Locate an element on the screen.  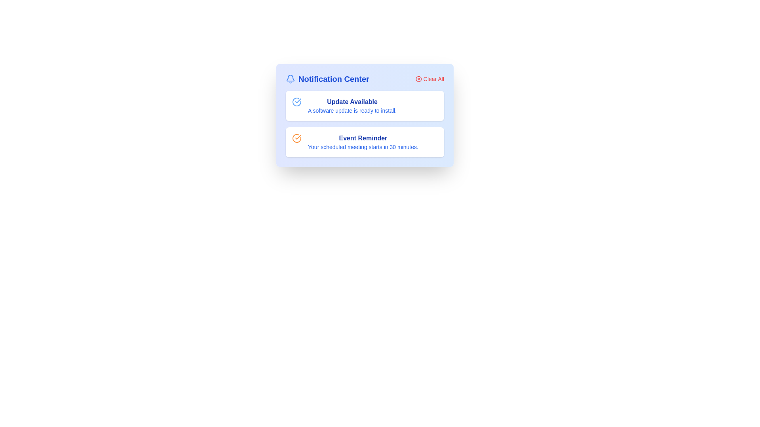
informational text block displaying 'Update Available.' and 'A software update is ready to install.' located within the Notification Center is located at coordinates (352, 105).